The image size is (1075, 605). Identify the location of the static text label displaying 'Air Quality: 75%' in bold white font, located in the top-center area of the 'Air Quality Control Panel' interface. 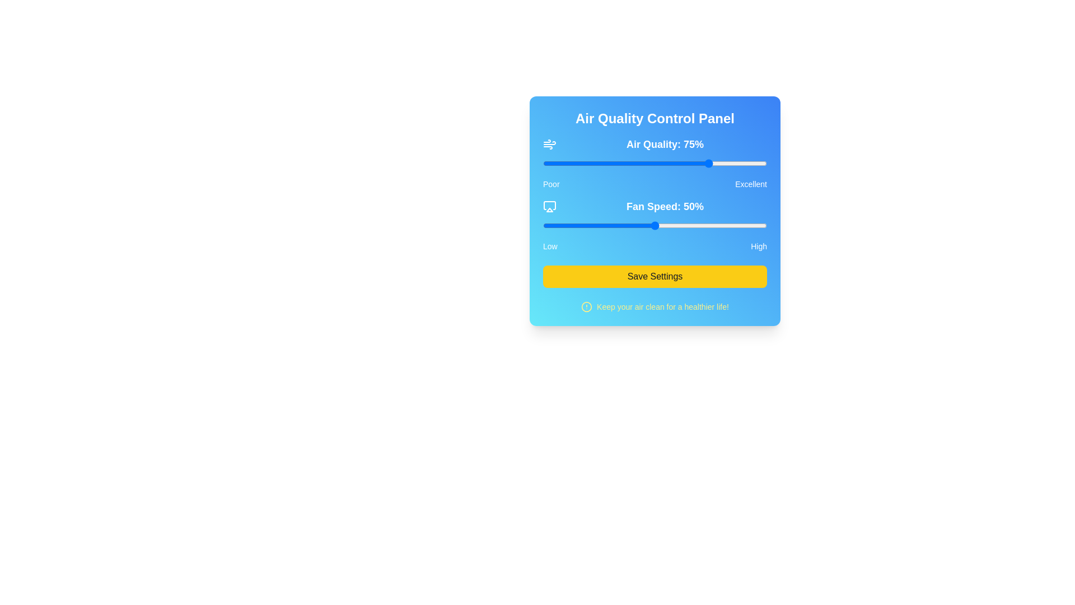
(665, 144).